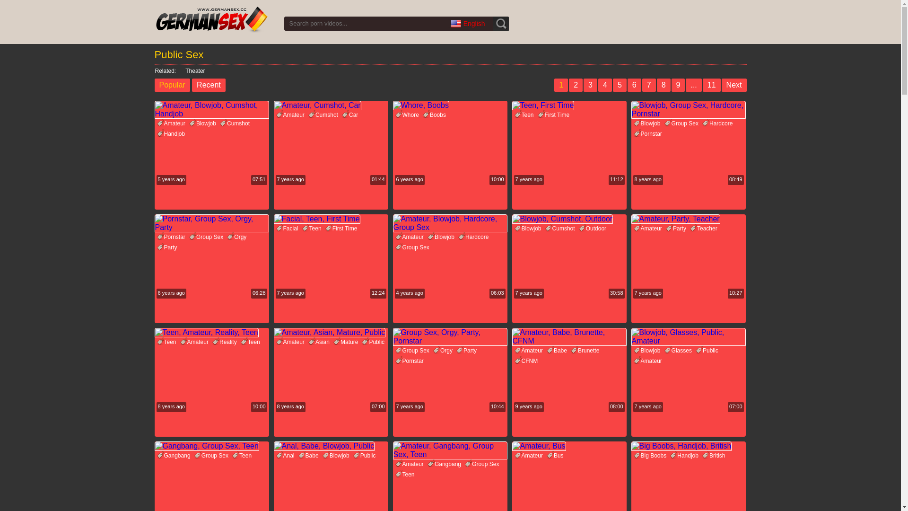 This screenshot has height=511, width=908. Describe the element at coordinates (320, 342) in the screenshot. I see `'Asian'` at that location.